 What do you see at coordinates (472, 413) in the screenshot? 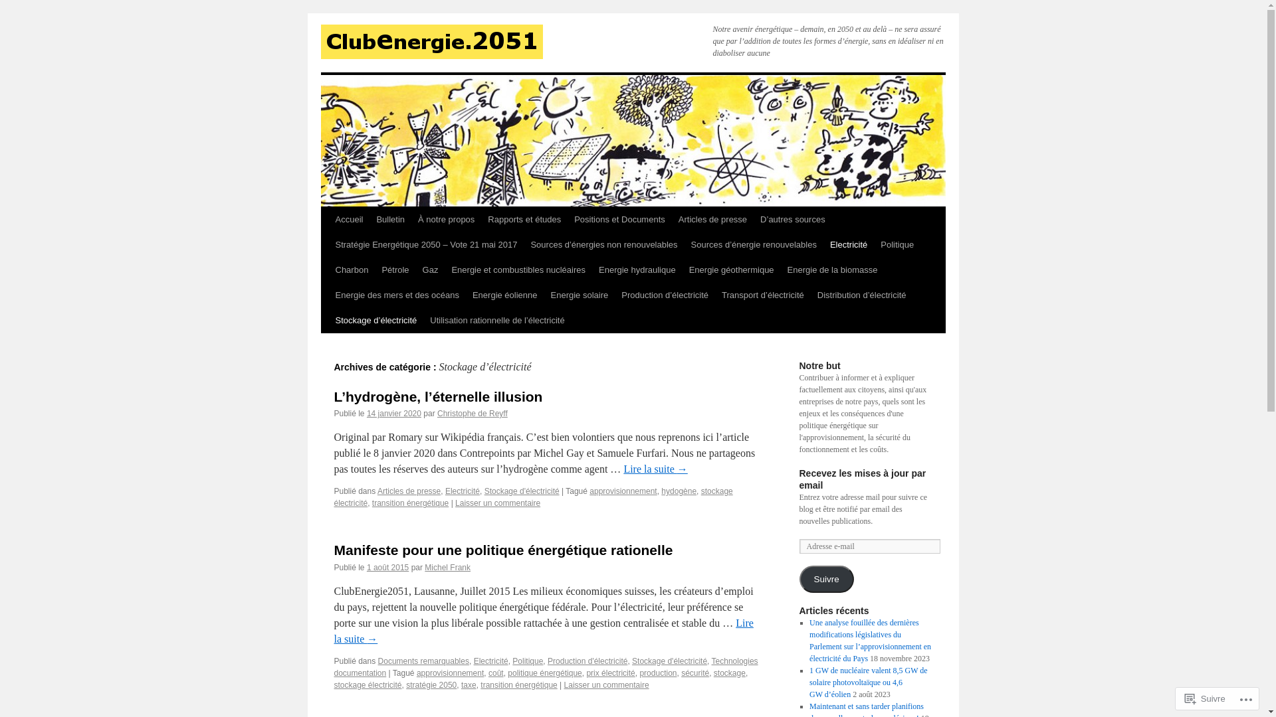
I see `'Christophe de Reyff'` at bounding box center [472, 413].